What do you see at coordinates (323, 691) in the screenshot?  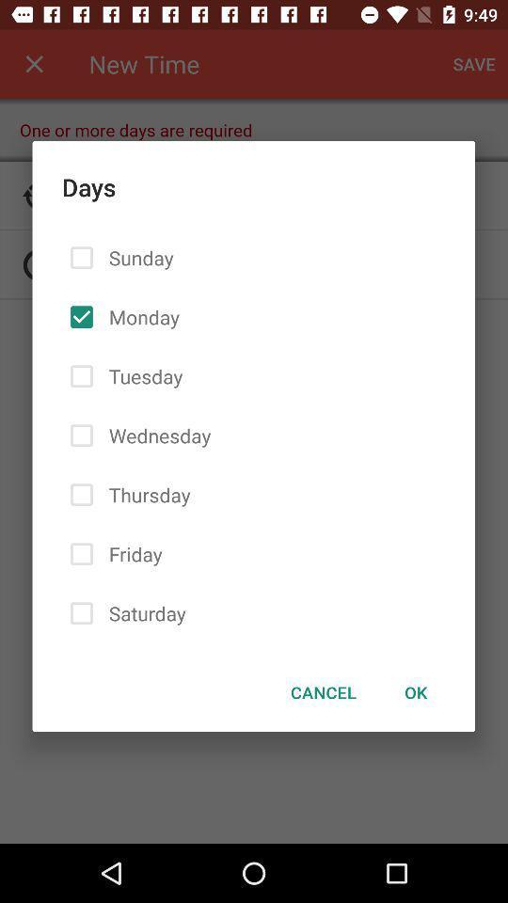 I see `the icon next to ok` at bounding box center [323, 691].